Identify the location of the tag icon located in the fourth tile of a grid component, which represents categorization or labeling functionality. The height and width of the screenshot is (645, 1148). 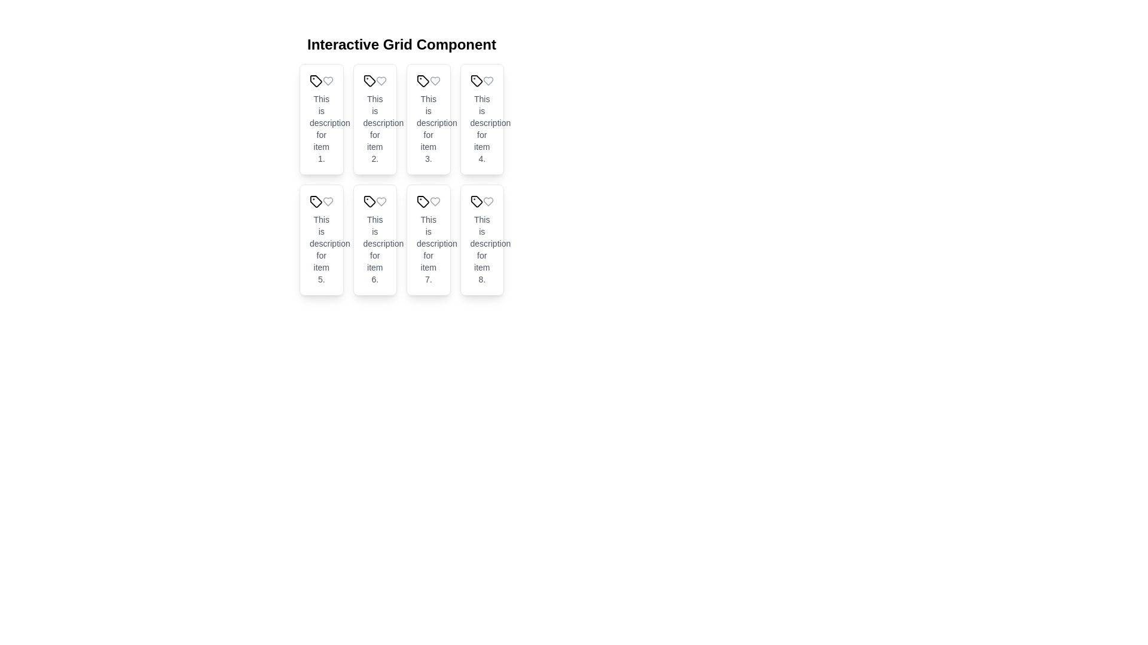
(475, 81).